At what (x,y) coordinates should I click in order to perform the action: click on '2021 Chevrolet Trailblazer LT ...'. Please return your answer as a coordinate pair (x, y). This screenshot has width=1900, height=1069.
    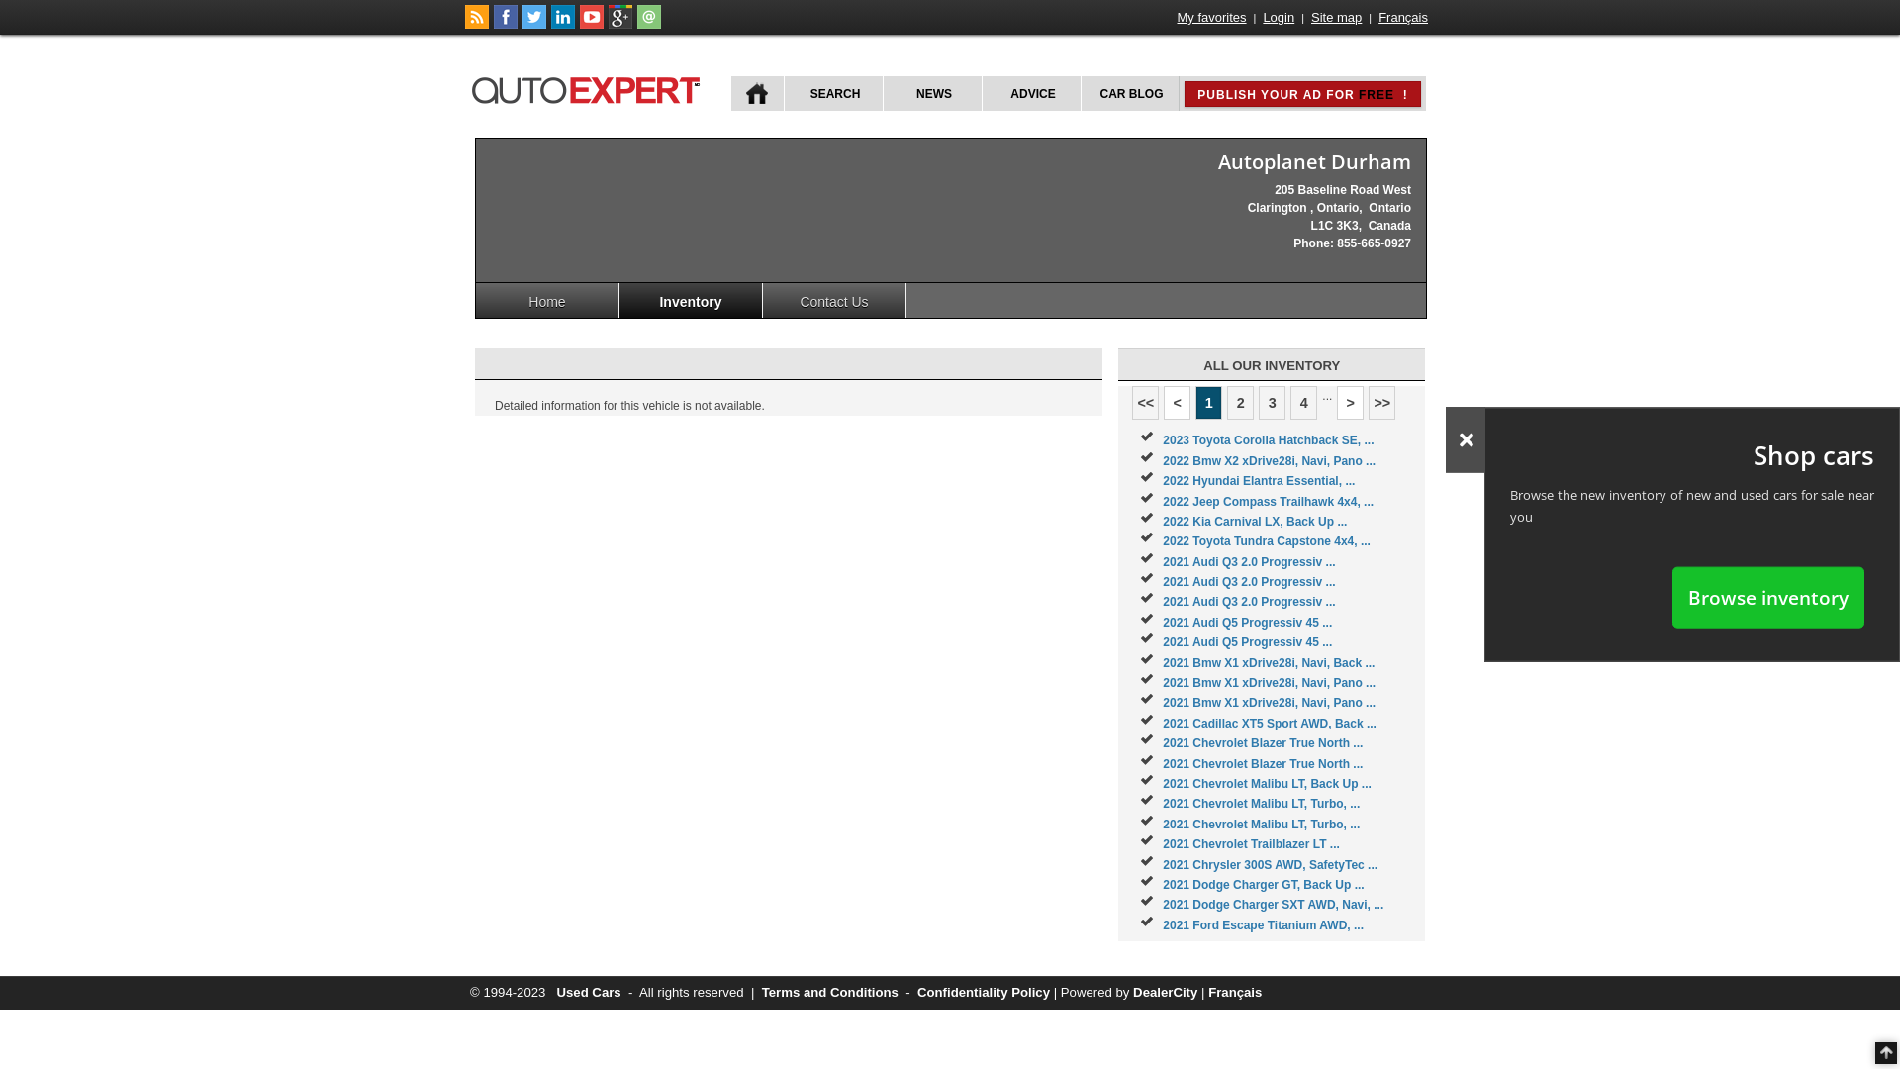
    Looking at the image, I should click on (1163, 843).